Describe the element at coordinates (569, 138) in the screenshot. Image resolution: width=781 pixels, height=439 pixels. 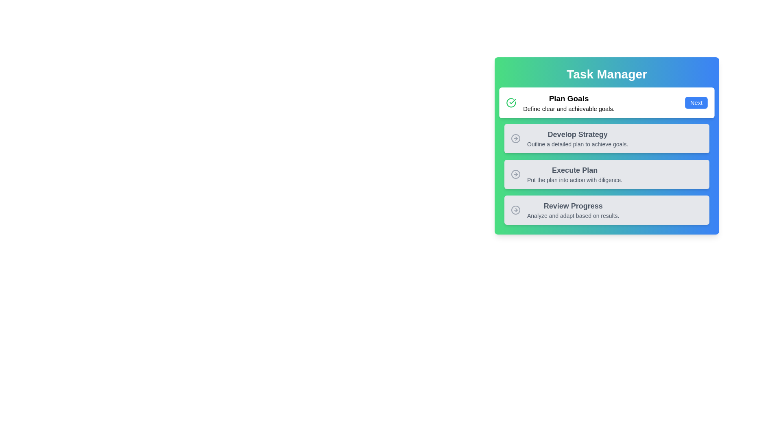
I see `keyboard navigation` at that location.